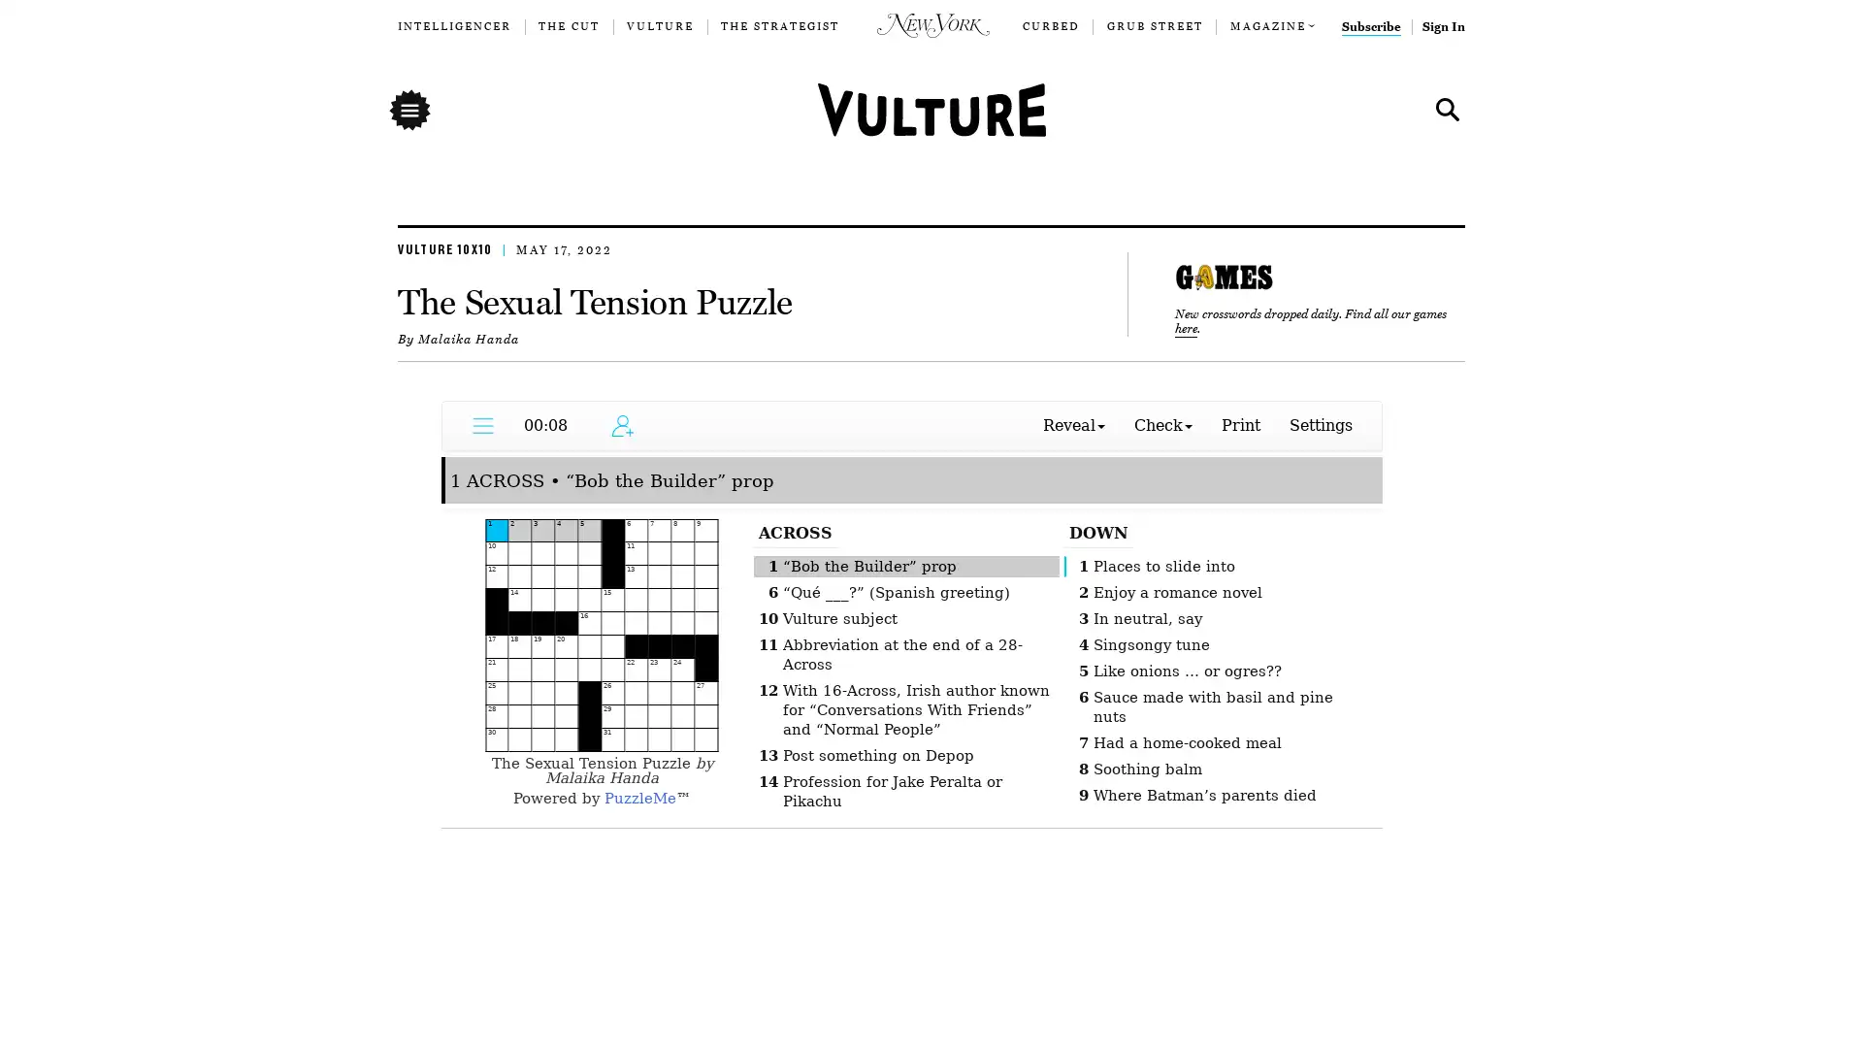  Describe the element at coordinates (1448, 109) in the screenshot. I see `Search` at that location.